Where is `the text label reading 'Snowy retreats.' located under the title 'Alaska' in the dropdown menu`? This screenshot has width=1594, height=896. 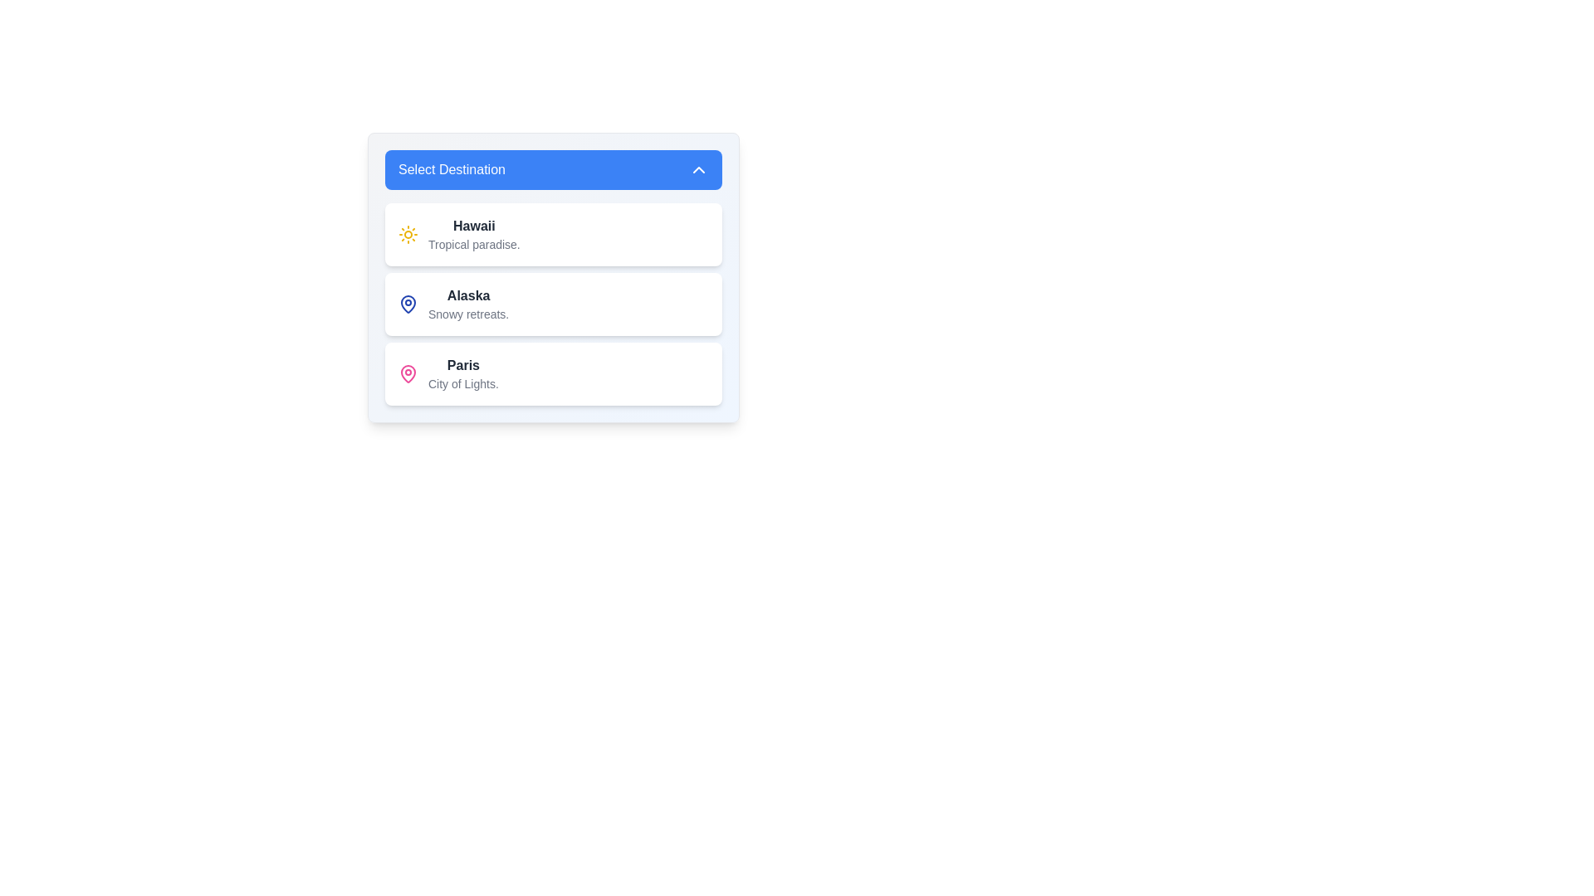 the text label reading 'Snowy retreats.' located under the title 'Alaska' in the dropdown menu is located at coordinates (467, 314).